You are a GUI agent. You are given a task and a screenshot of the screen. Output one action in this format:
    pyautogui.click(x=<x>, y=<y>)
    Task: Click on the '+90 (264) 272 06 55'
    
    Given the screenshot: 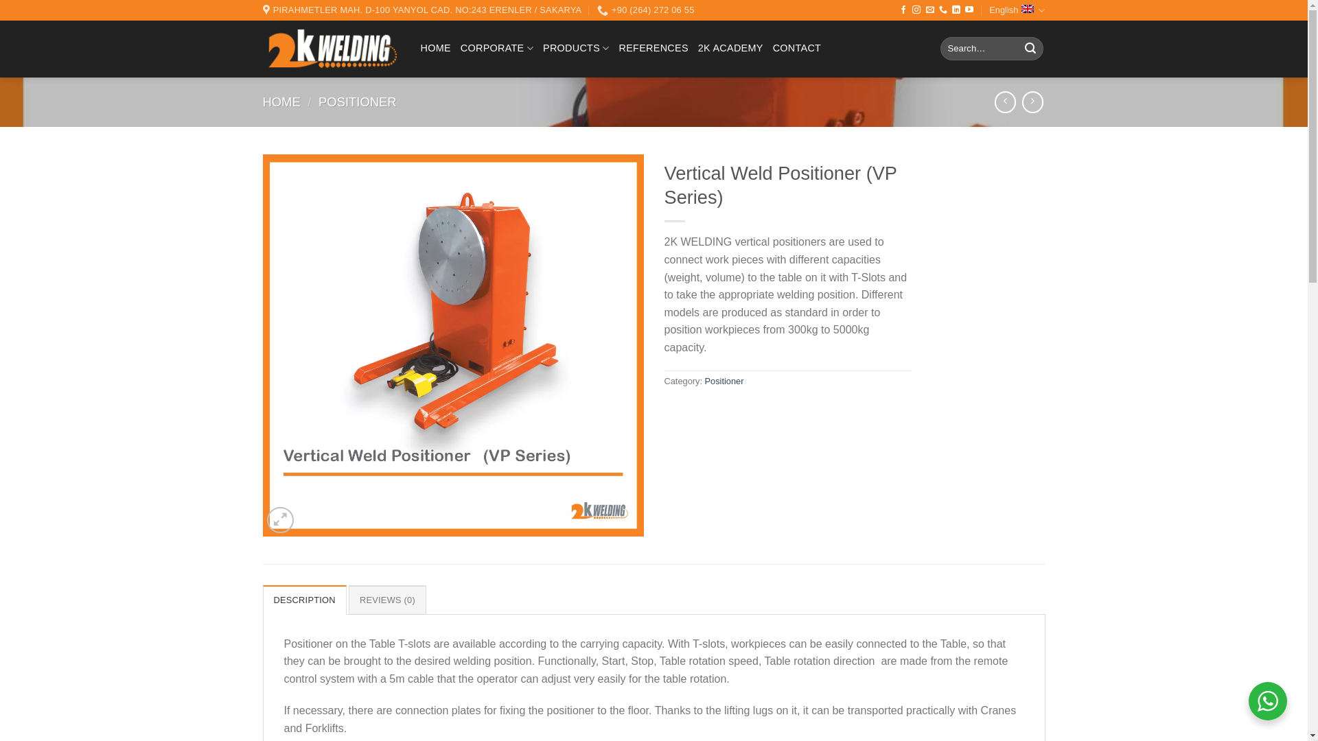 What is the action you would take?
    pyautogui.click(x=645, y=10)
    